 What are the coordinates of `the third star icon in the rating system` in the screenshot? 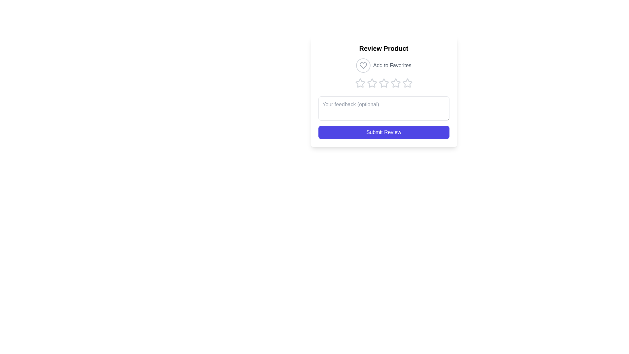 It's located at (384, 83).